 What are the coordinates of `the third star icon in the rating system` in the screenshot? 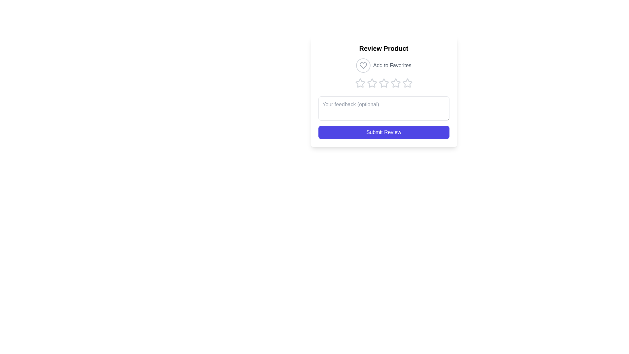 It's located at (384, 83).